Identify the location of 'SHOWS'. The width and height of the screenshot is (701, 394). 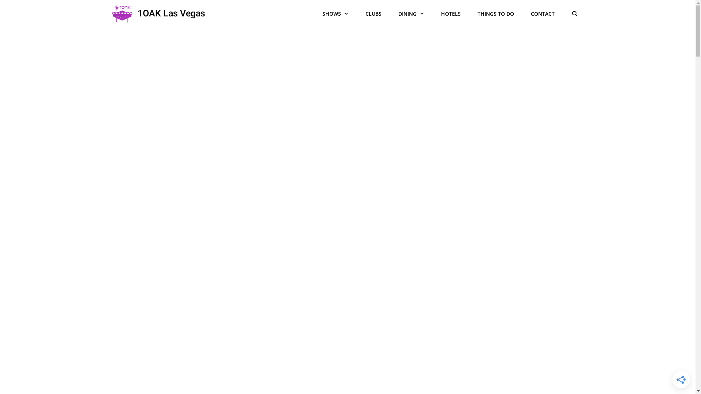
(335, 14).